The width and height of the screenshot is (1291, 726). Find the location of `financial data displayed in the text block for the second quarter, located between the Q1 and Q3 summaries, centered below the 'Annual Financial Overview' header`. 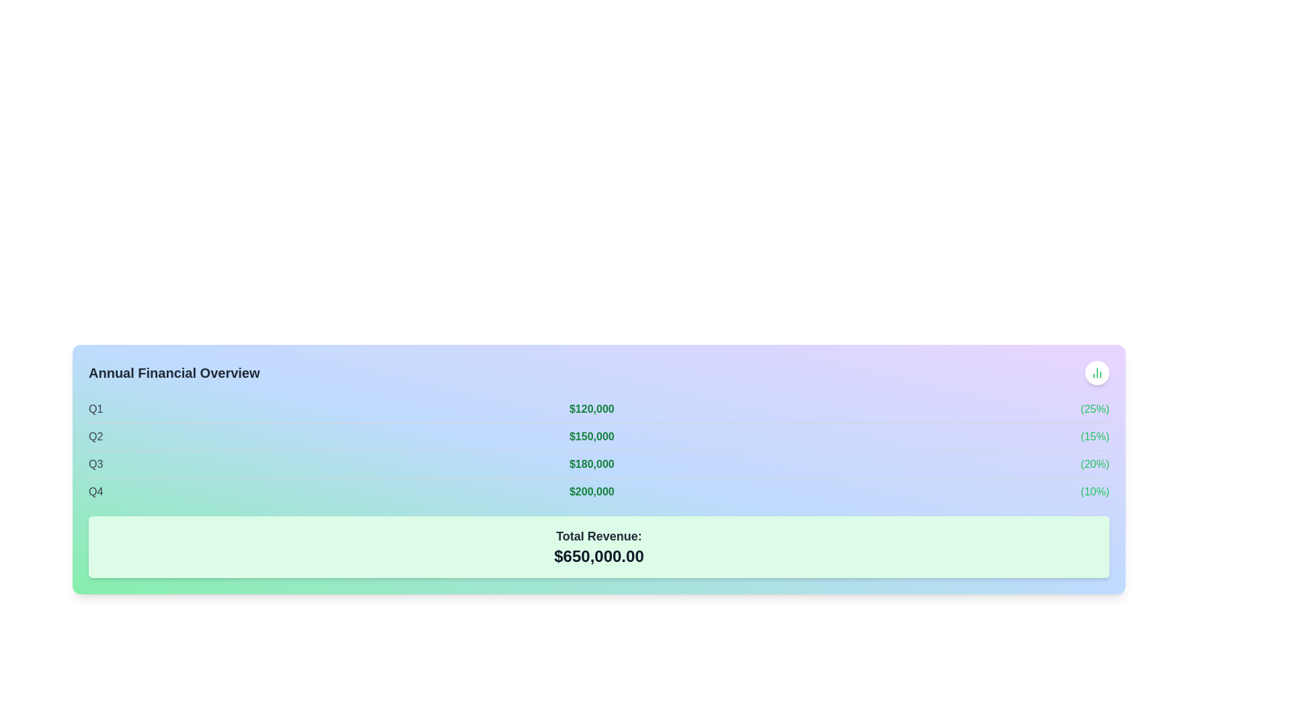

financial data displayed in the text block for the second quarter, located between the Q1 and Q3 summaries, centered below the 'Annual Financial Overview' header is located at coordinates (598, 436).